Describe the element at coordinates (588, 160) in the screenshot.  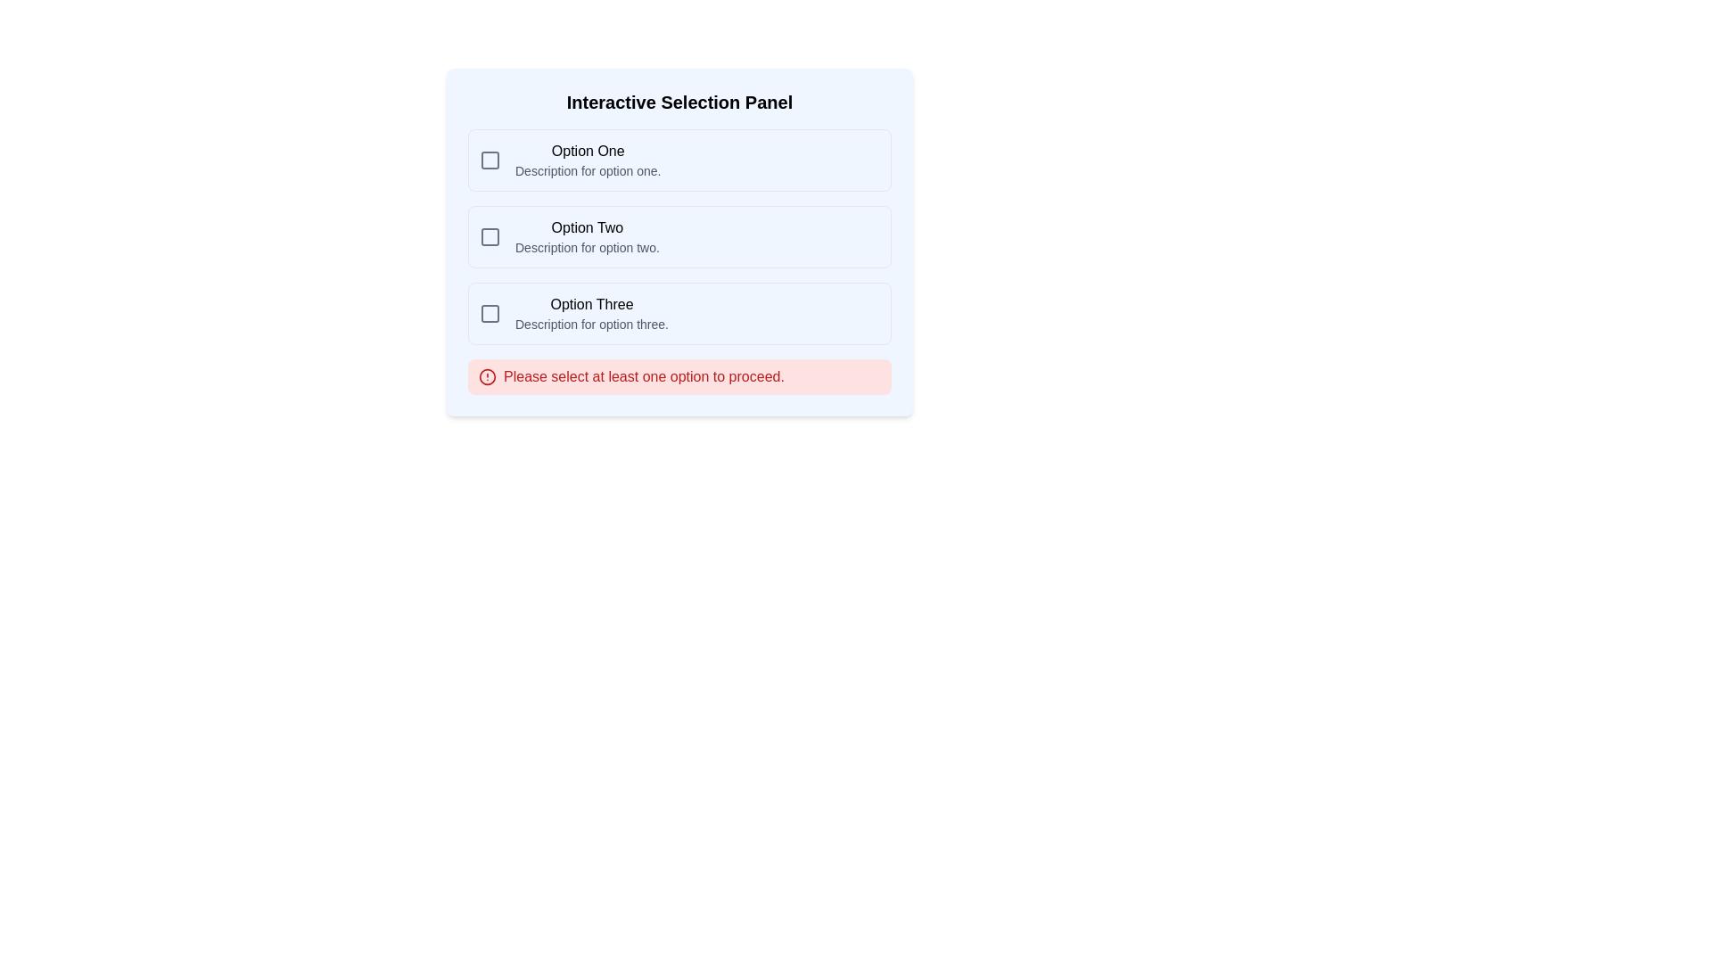
I see `the first option in the selection panel that provides a title and description, located to the right of a checkbox` at that location.